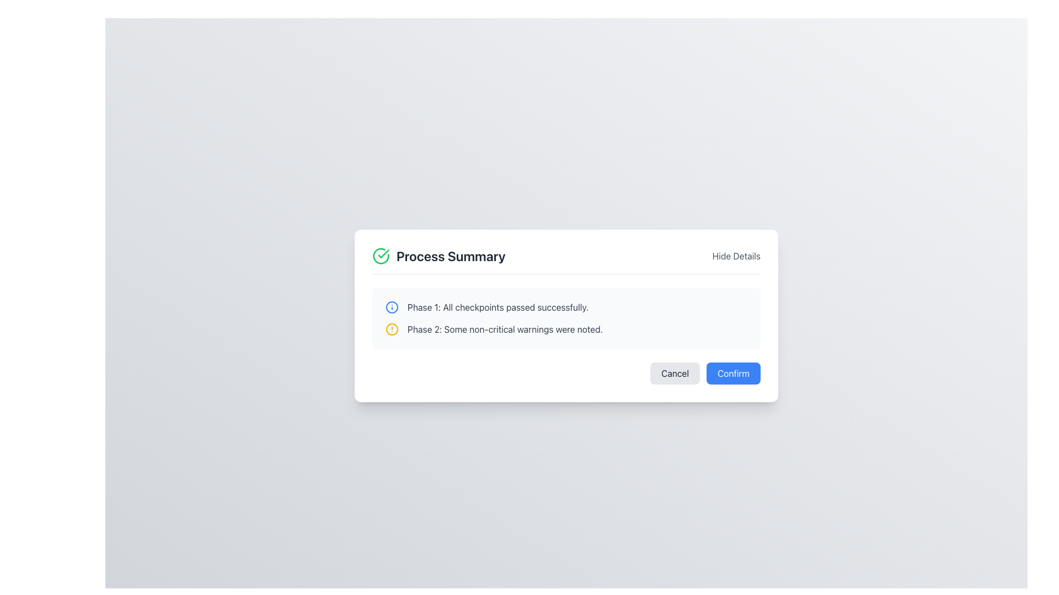 The width and height of the screenshot is (1059, 595). What do you see at coordinates (733, 372) in the screenshot?
I see `the 'Confirm' button located at the bottom-right corner of the 'Process Summary' dialog box to confirm the action` at bounding box center [733, 372].